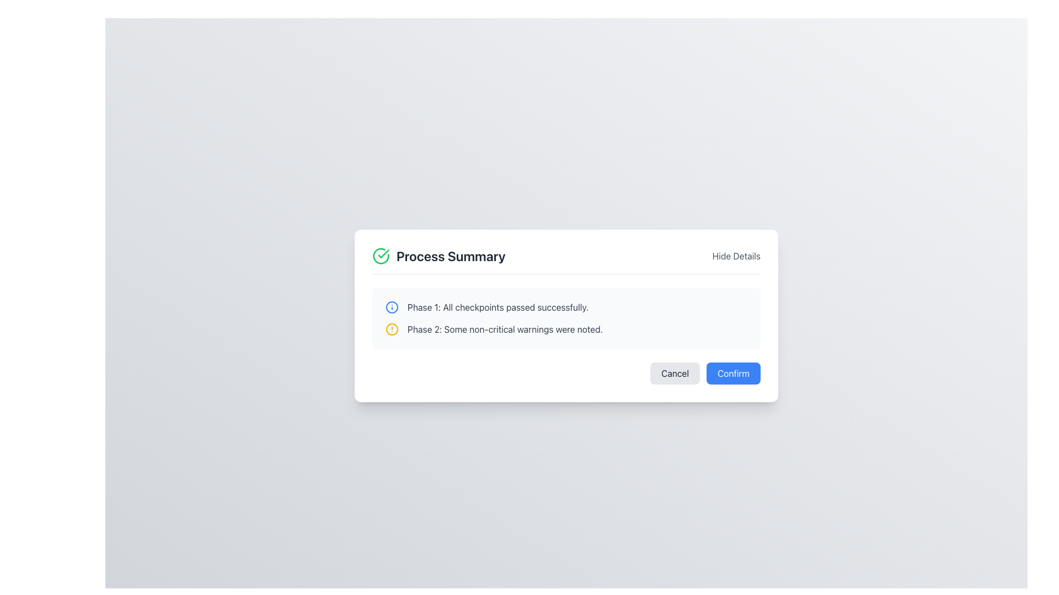 The width and height of the screenshot is (1059, 595). What do you see at coordinates (733, 372) in the screenshot?
I see `the 'Confirm' button located at the bottom-right corner of the 'Process Summary' dialog box to confirm the action` at bounding box center [733, 372].